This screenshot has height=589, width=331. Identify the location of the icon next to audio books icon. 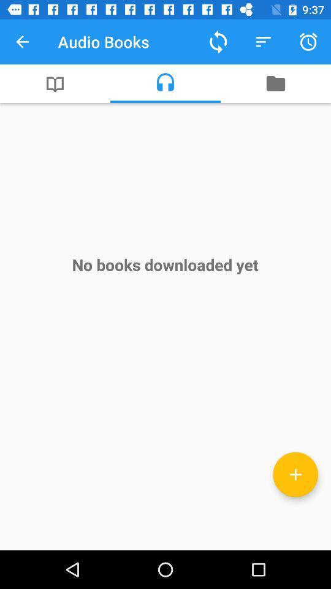
(22, 42).